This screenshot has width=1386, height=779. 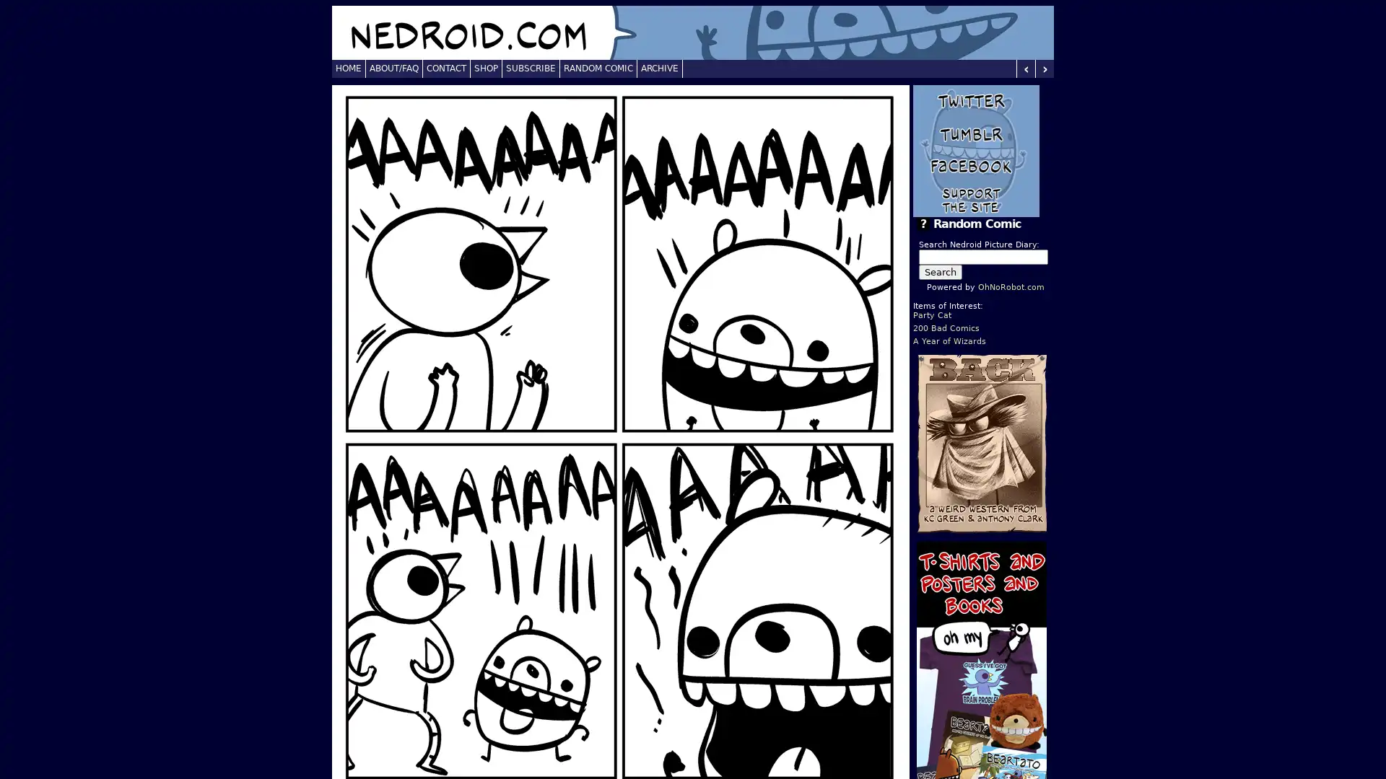 I want to click on Search, so click(x=940, y=272).